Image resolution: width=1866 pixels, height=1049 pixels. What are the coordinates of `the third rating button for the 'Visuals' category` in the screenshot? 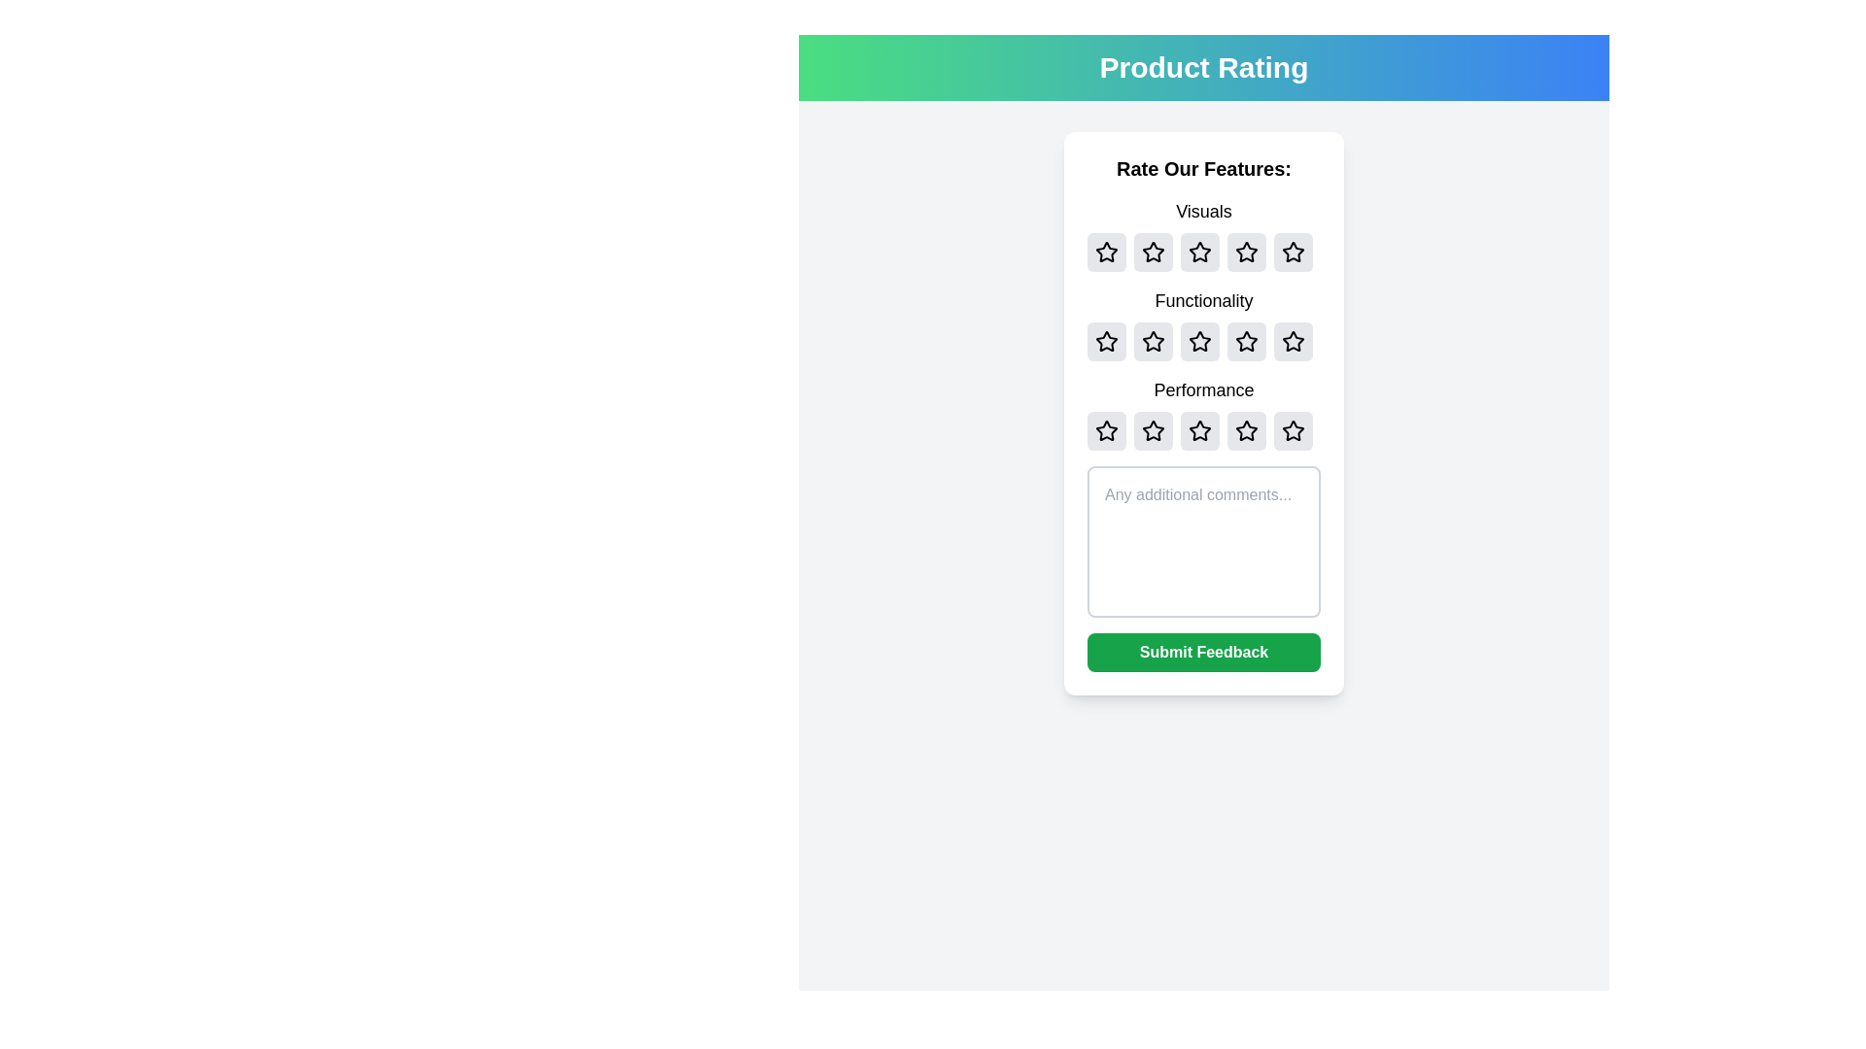 It's located at (1198, 251).